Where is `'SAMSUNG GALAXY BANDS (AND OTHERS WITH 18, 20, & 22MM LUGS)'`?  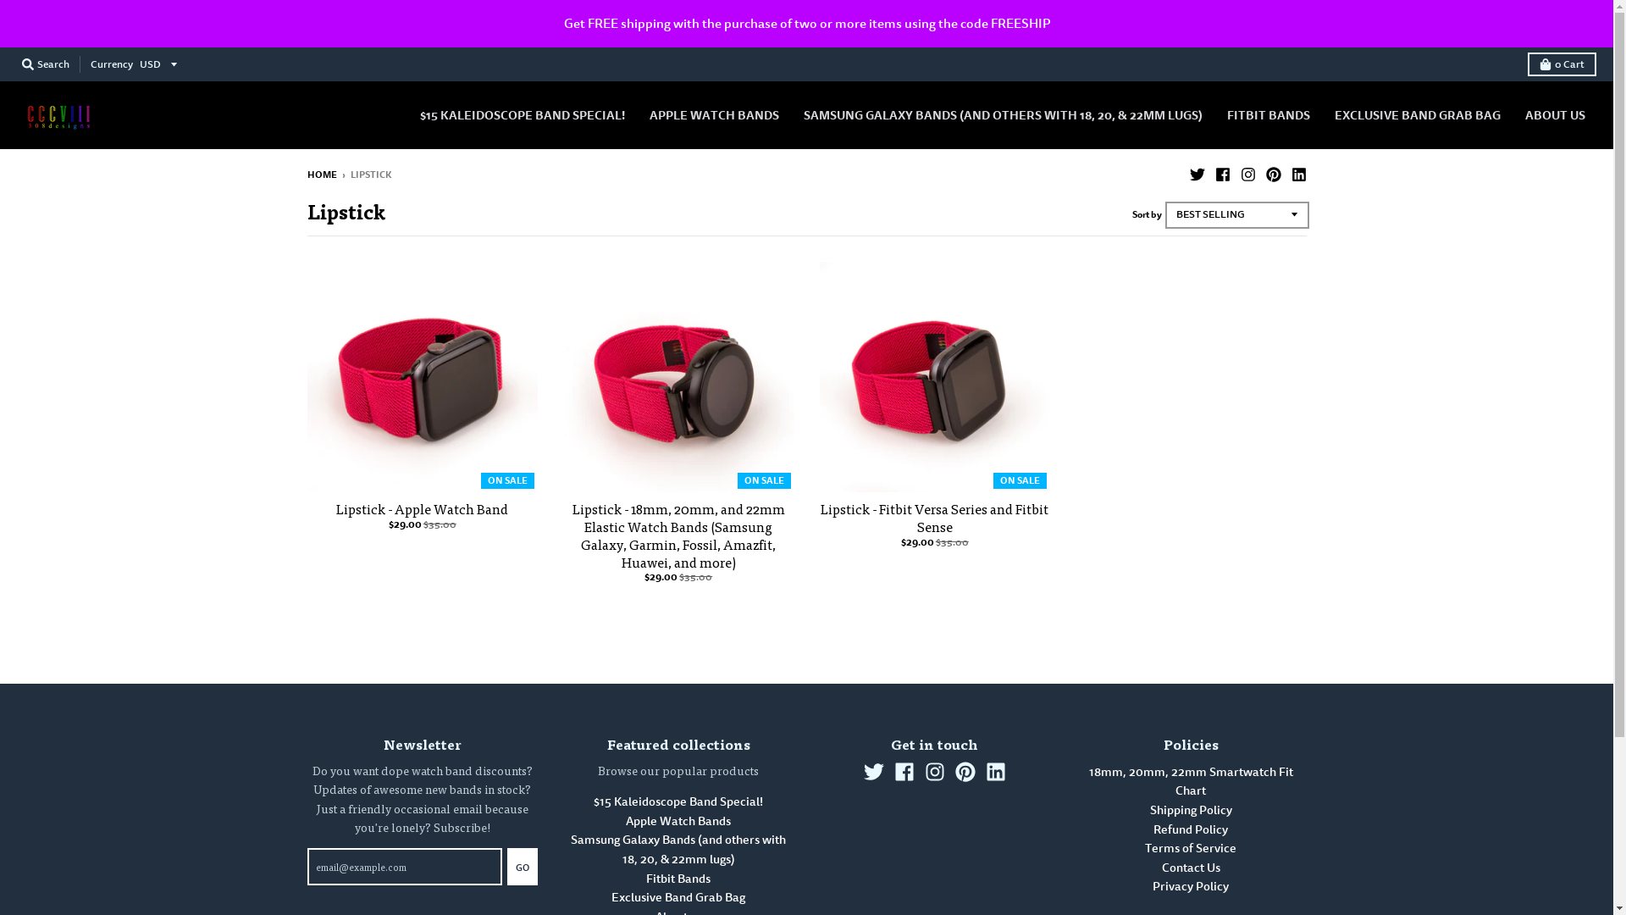
'SAMSUNG GALAXY BANDS (AND OTHERS WITH 18, 20, & 22MM LUGS)' is located at coordinates (1003, 114).